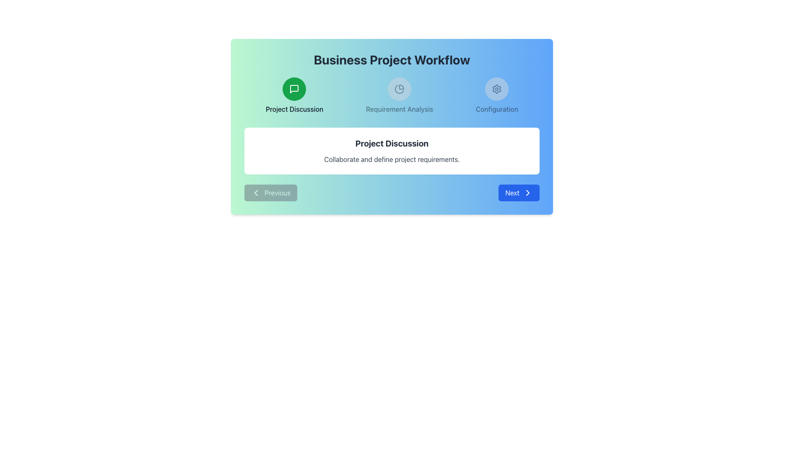  I want to click on the prominently displayed text heading reading 'Business Project Workflow', which is styled with a bold, extra-large font and centrally aligned against a gradient background, so click(392, 59).